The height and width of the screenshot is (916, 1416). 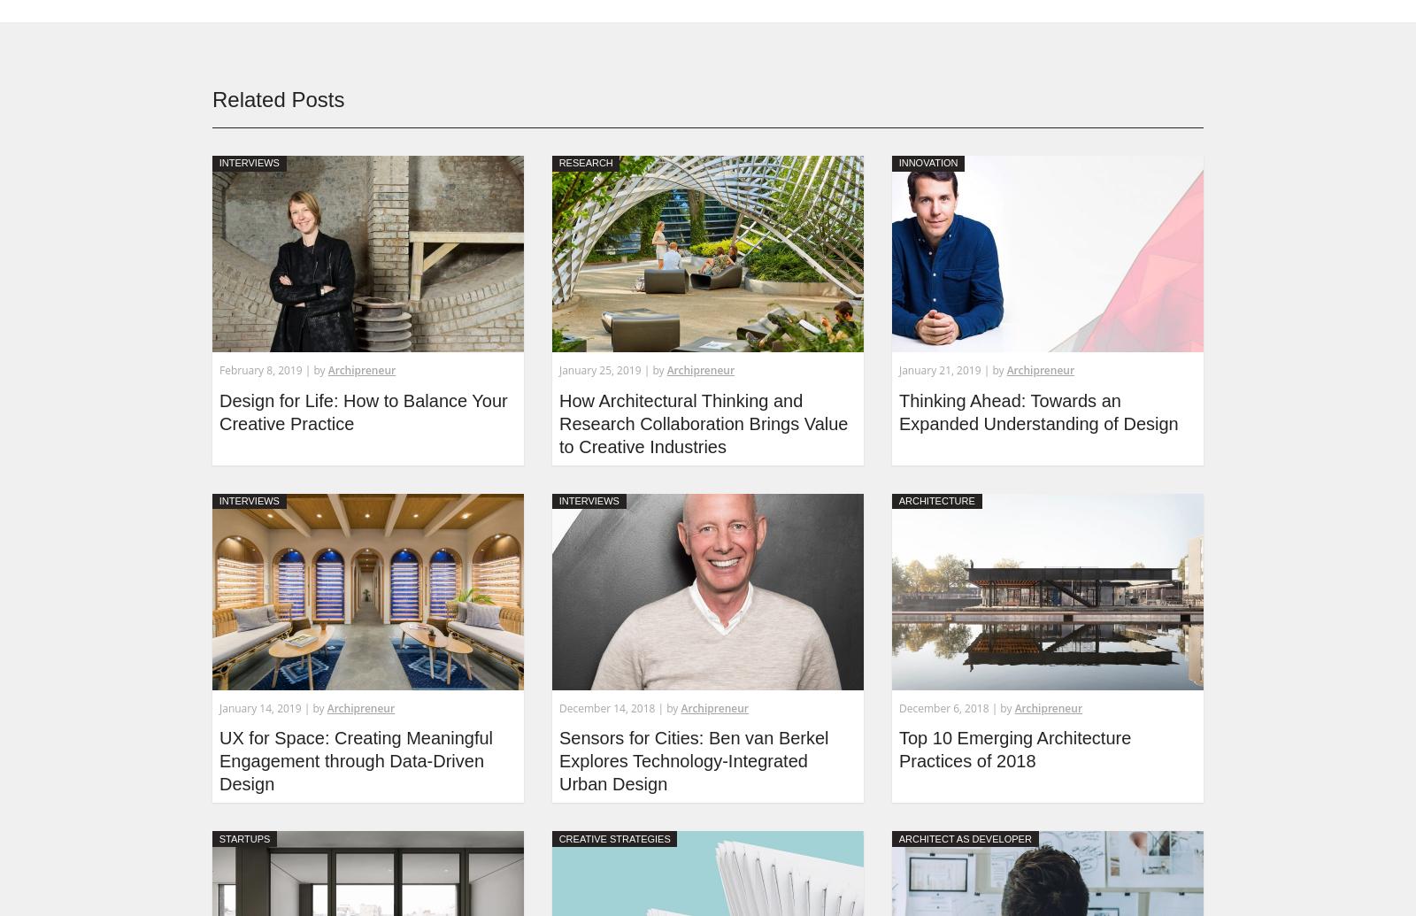 I want to click on 'Architecture', so click(x=936, y=499).